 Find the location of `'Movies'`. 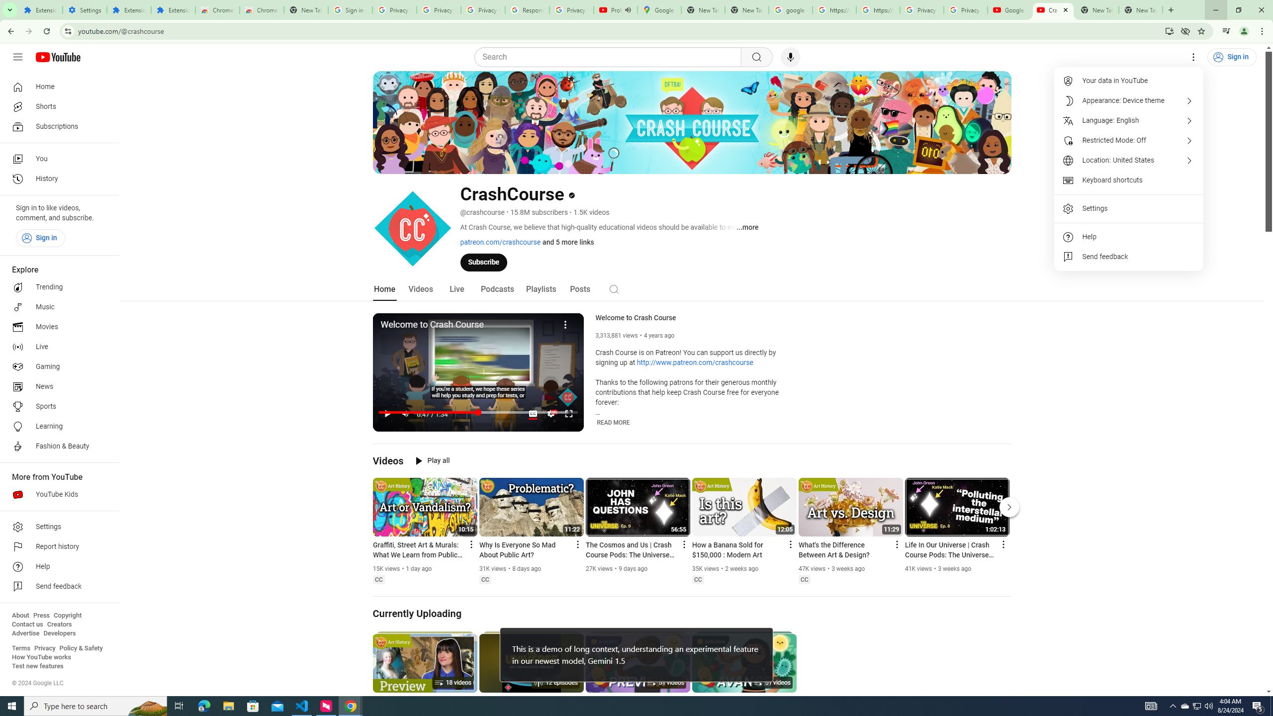

'Movies' is located at coordinates (56, 327).